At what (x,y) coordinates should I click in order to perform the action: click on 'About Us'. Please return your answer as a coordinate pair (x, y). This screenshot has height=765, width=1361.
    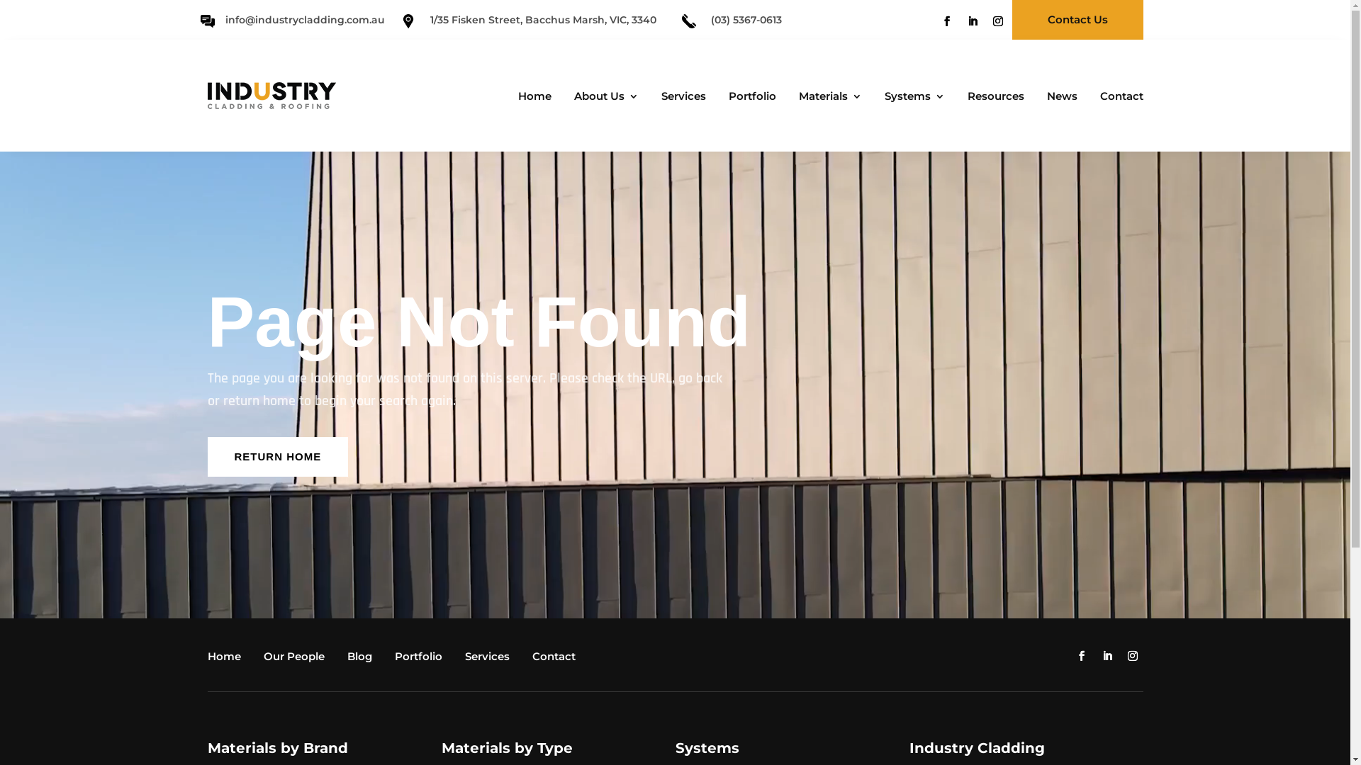
    Looking at the image, I should click on (603, 97).